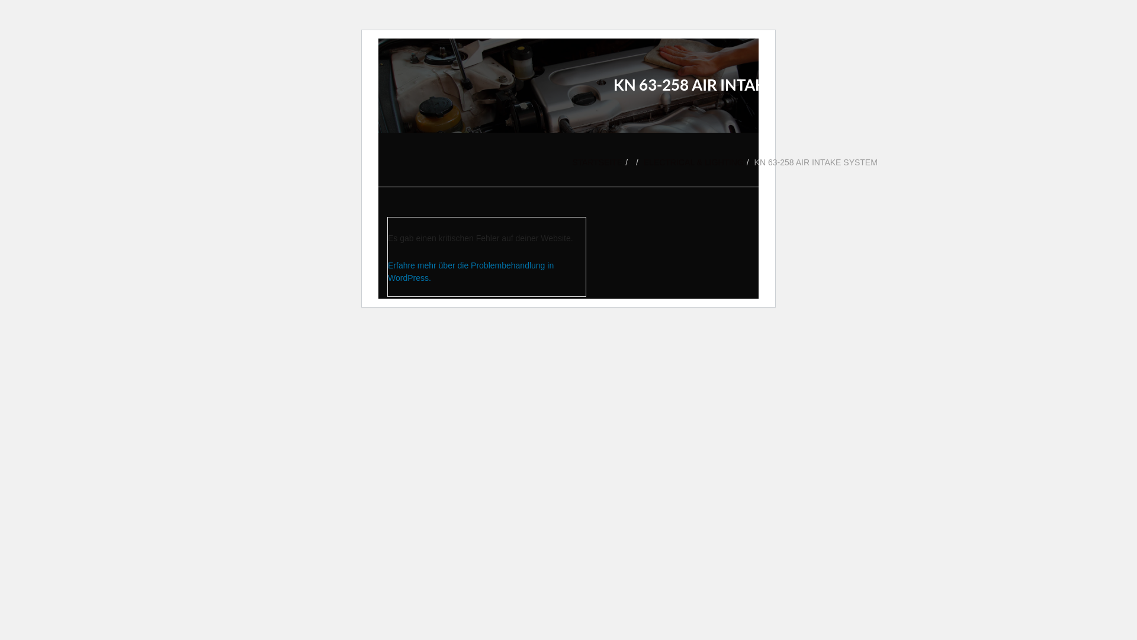 The width and height of the screenshot is (1137, 640). What do you see at coordinates (693, 162) in the screenshot?
I see `'ELECTRICAL & LIGHTING'` at bounding box center [693, 162].